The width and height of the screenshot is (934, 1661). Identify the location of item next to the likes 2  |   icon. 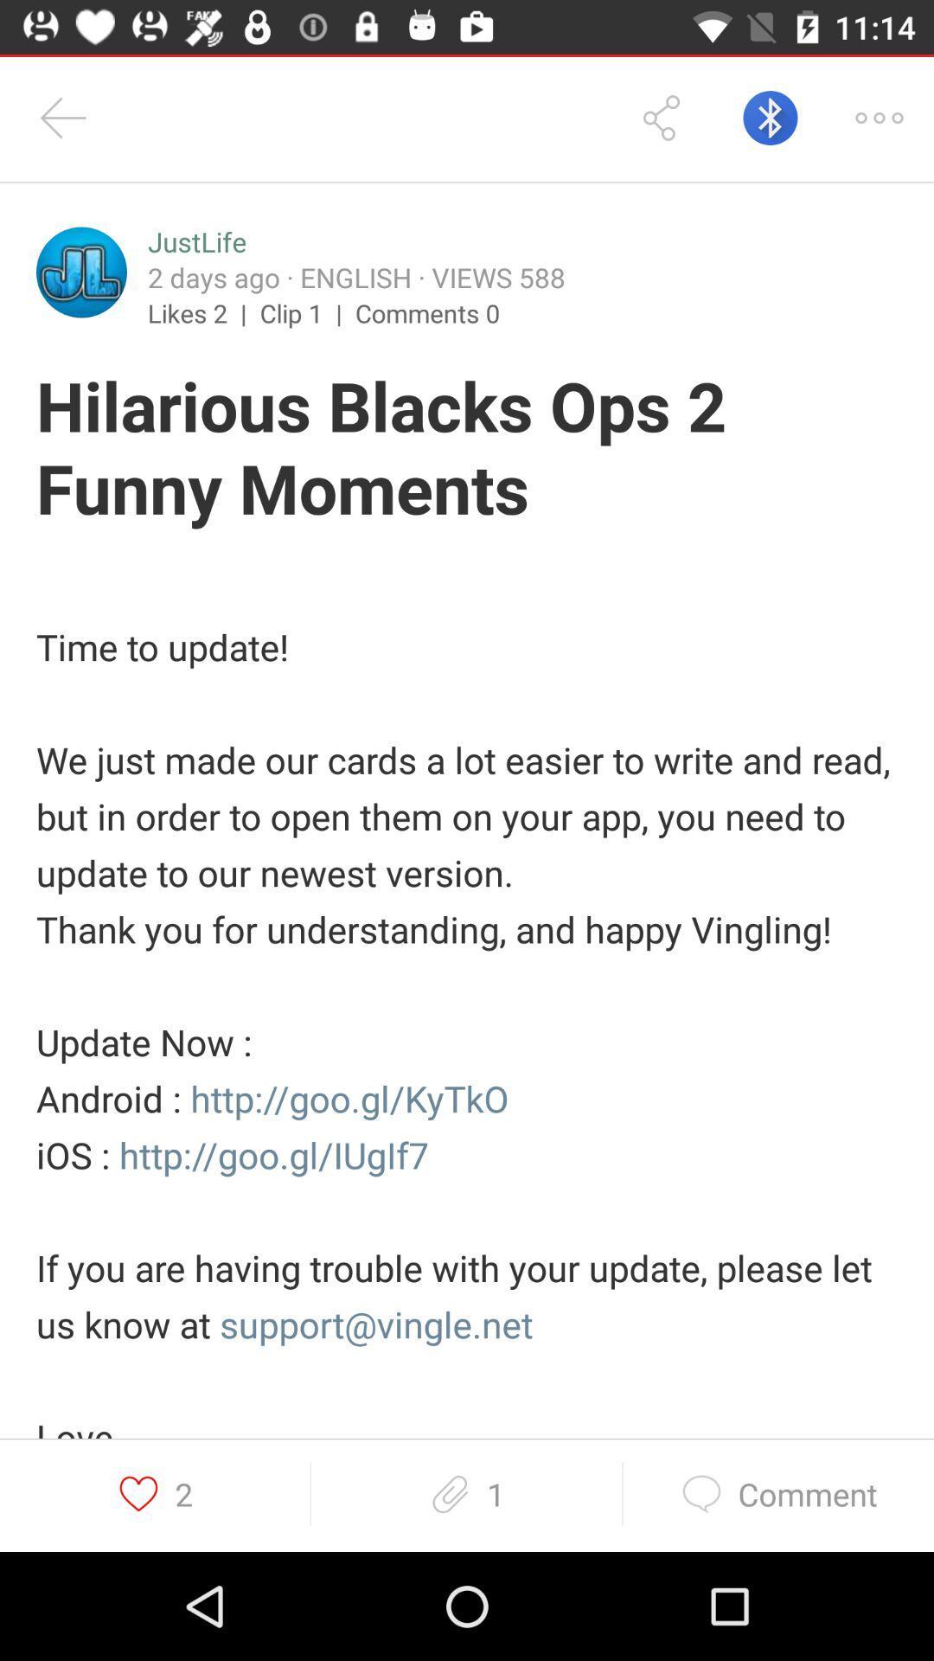
(306, 312).